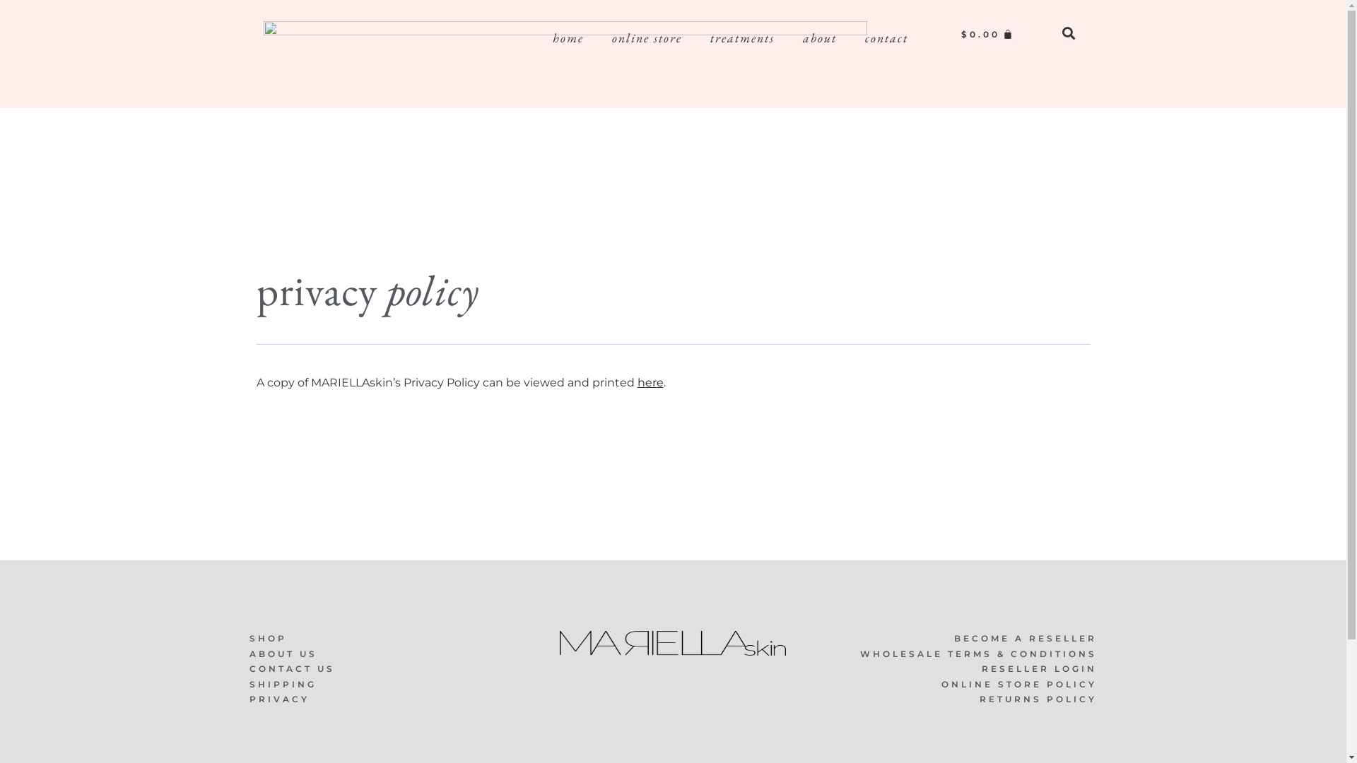 The width and height of the screenshot is (1357, 763). I want to click on 'RESELLER LOGIN', so click(956, 668).